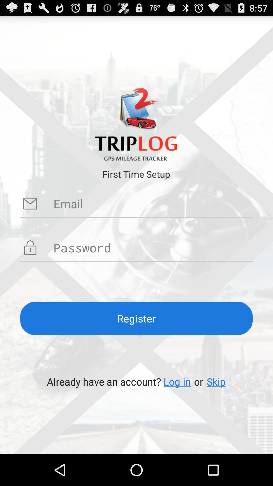  What do you see at coordinates (136, 318) in the screenshot?
I see `the register` at bounding box center [136, 318].